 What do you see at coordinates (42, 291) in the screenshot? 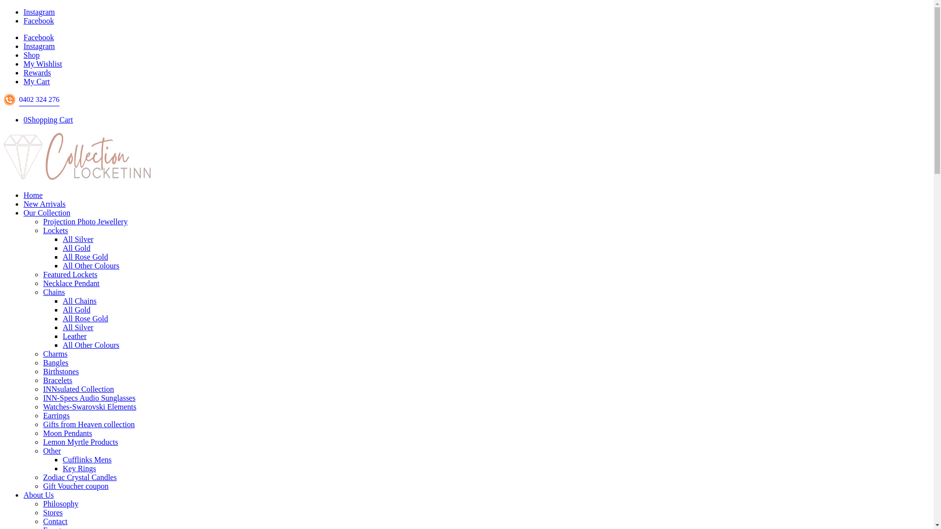
I see `'Chains'` at bounding box center [42, 291].